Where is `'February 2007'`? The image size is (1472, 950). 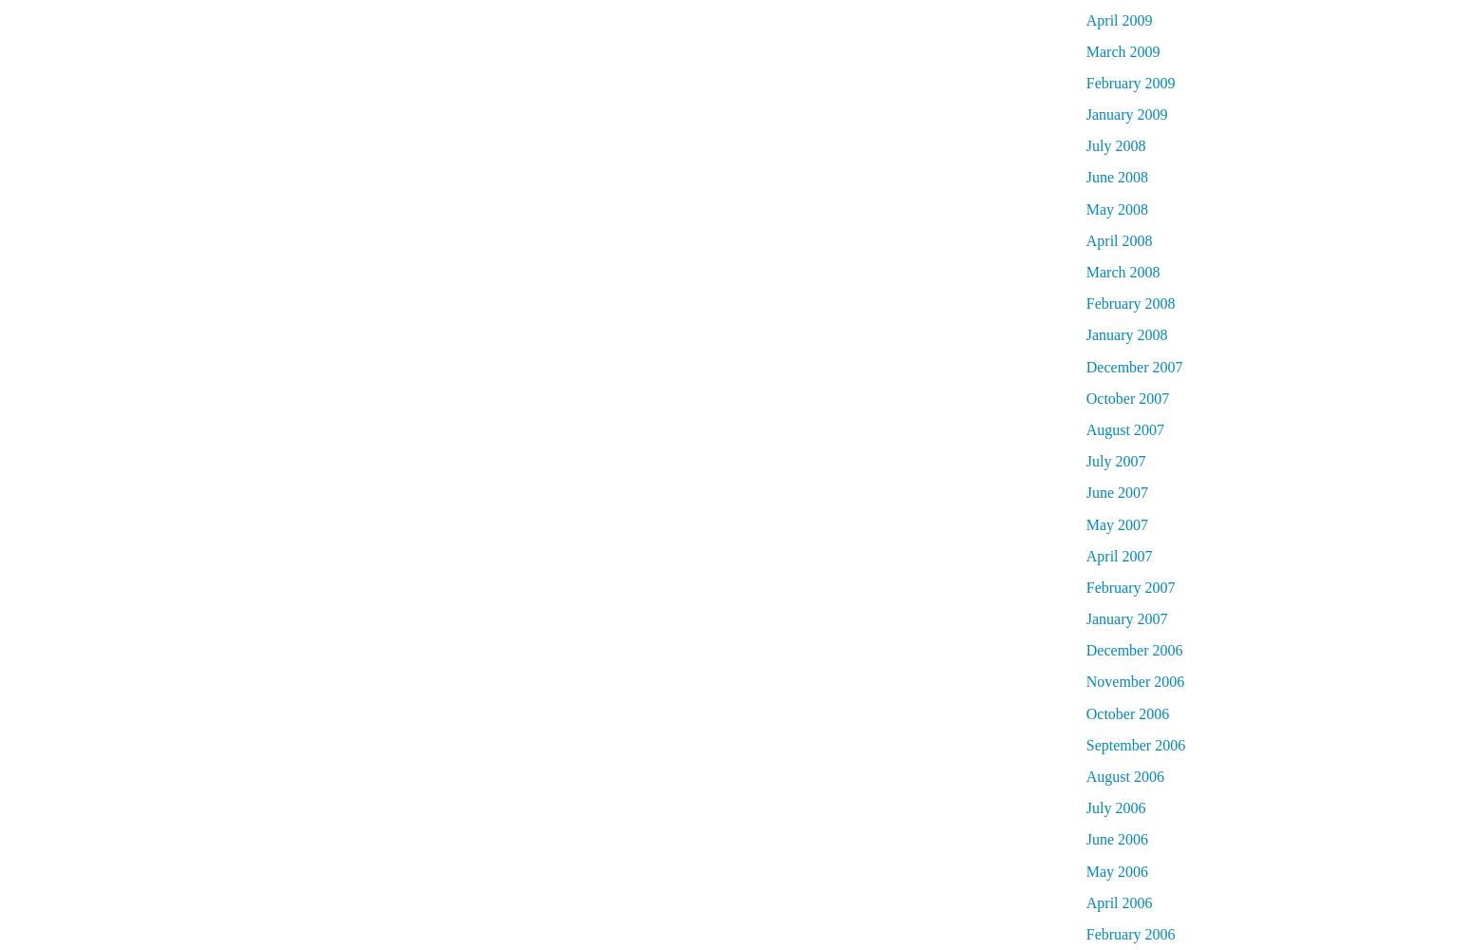 'February 2007' is located at coordinates (1129, 585).